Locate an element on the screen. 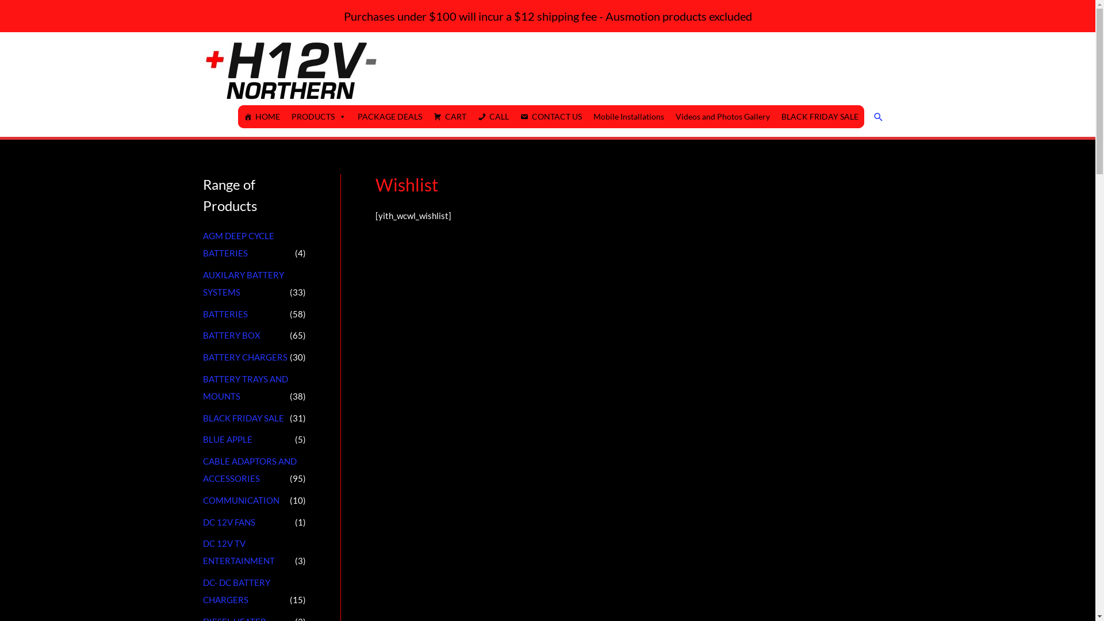 The height and width of the screenshot is (621, 1104). 'BATTERY CHARGERS' is located at coordinates (244, 356).